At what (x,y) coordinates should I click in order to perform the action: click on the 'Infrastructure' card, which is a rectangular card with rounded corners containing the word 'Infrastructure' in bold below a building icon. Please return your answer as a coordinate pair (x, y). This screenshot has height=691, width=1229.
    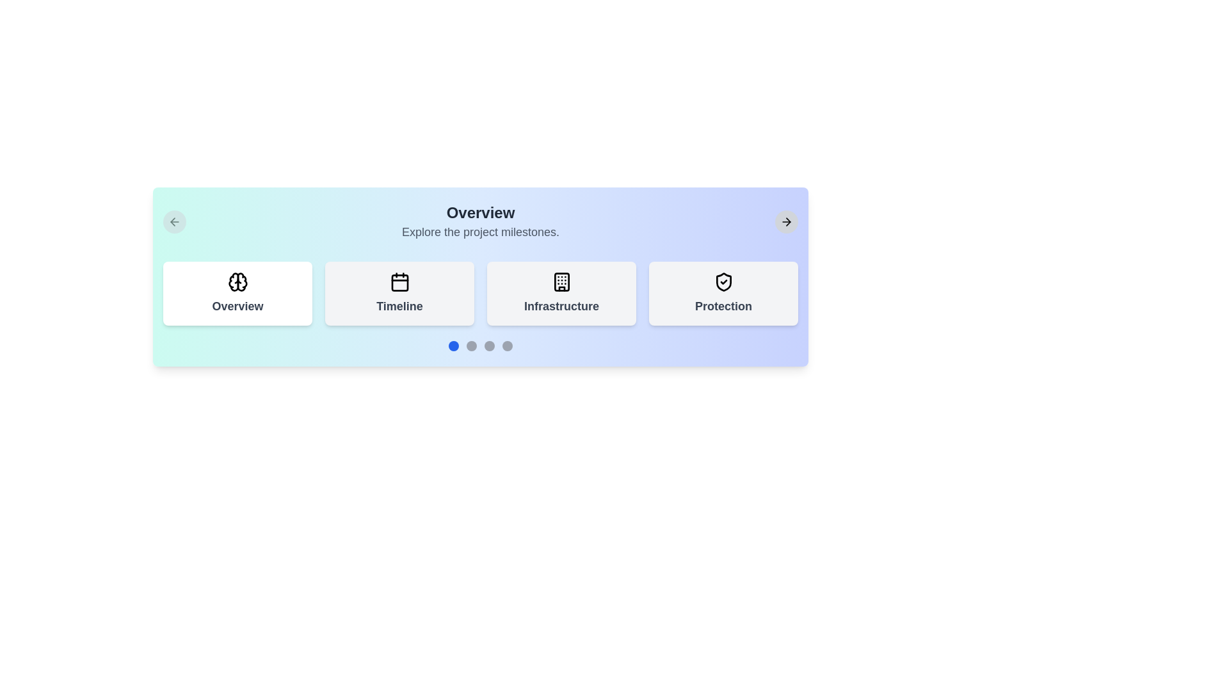
    Looking at the image, I should click on (561, 294).